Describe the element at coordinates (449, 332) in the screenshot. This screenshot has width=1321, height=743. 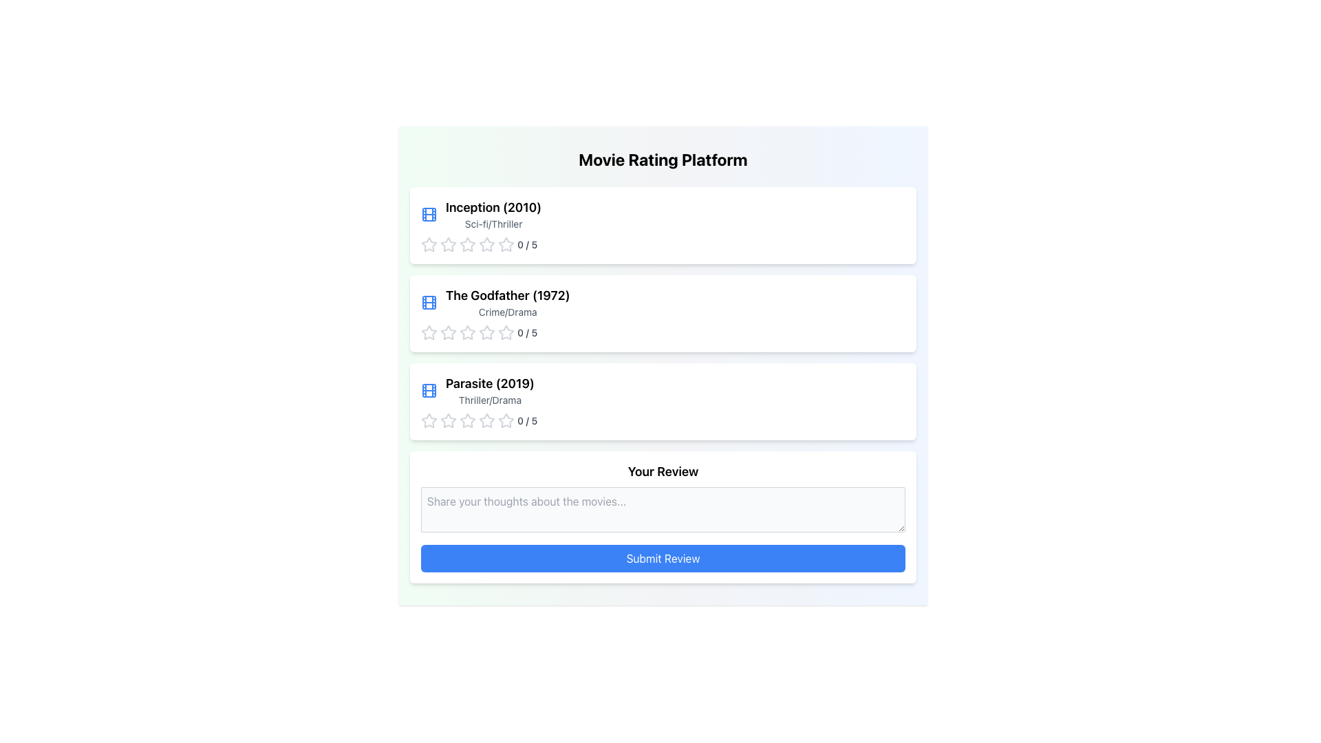
I see `the second star icon in the rating interface for 'The Godfather (1972)' to rate it` at that location.